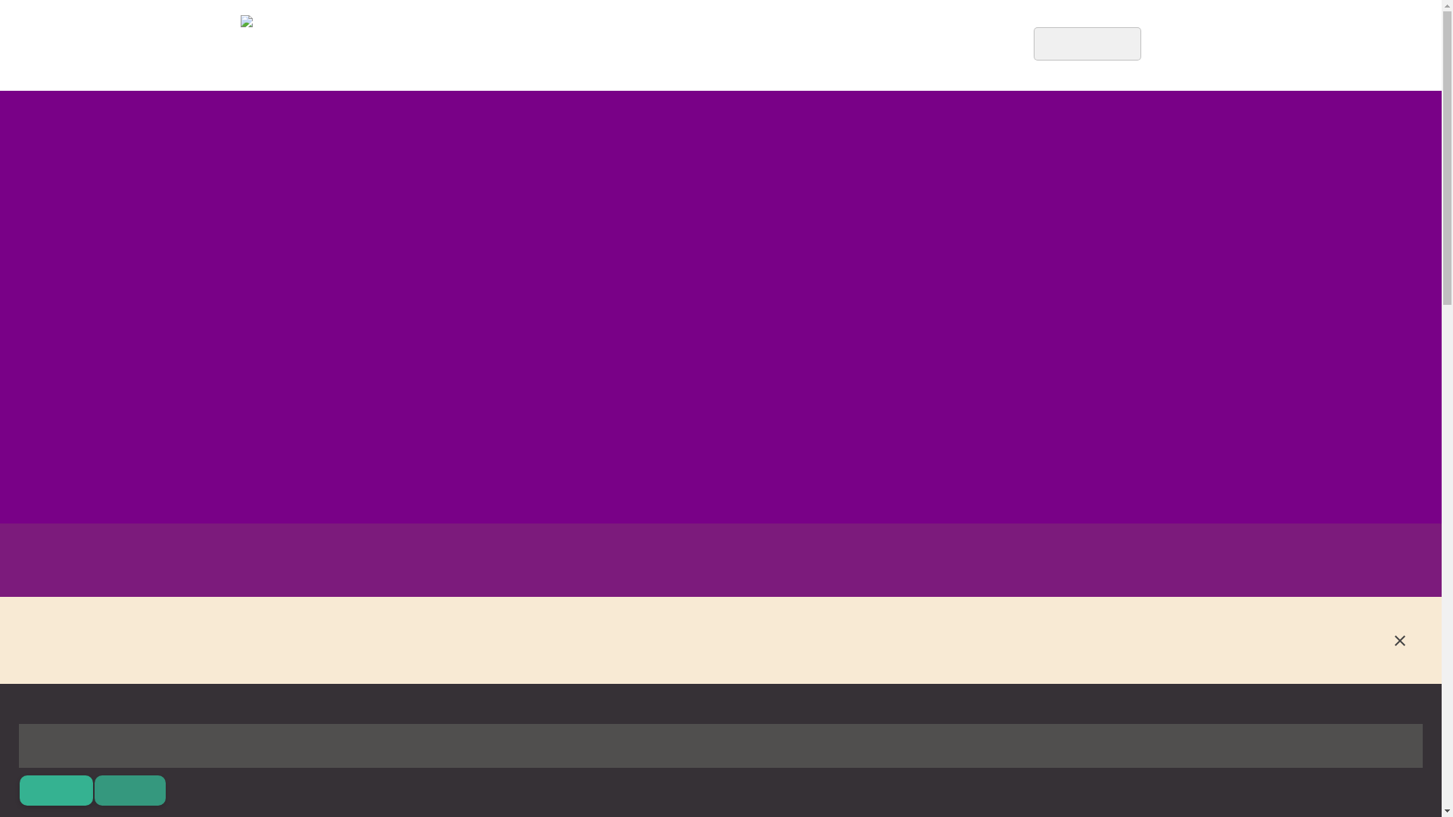  What do you see at coordinates (849, 45) in the screenshot?
I see `'Our Visitors` at bounding box center [849, 45].